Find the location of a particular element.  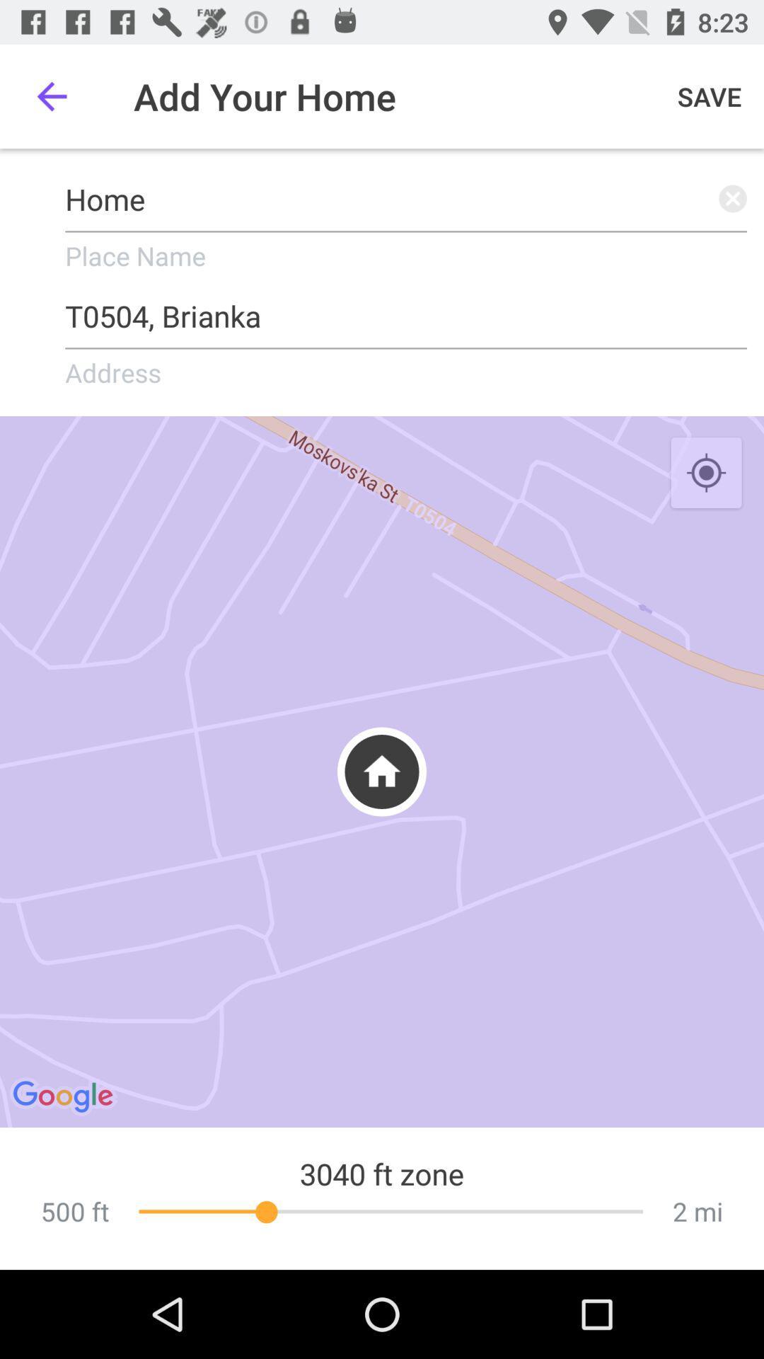

icon below place name item is located at coordinates (406, 310).